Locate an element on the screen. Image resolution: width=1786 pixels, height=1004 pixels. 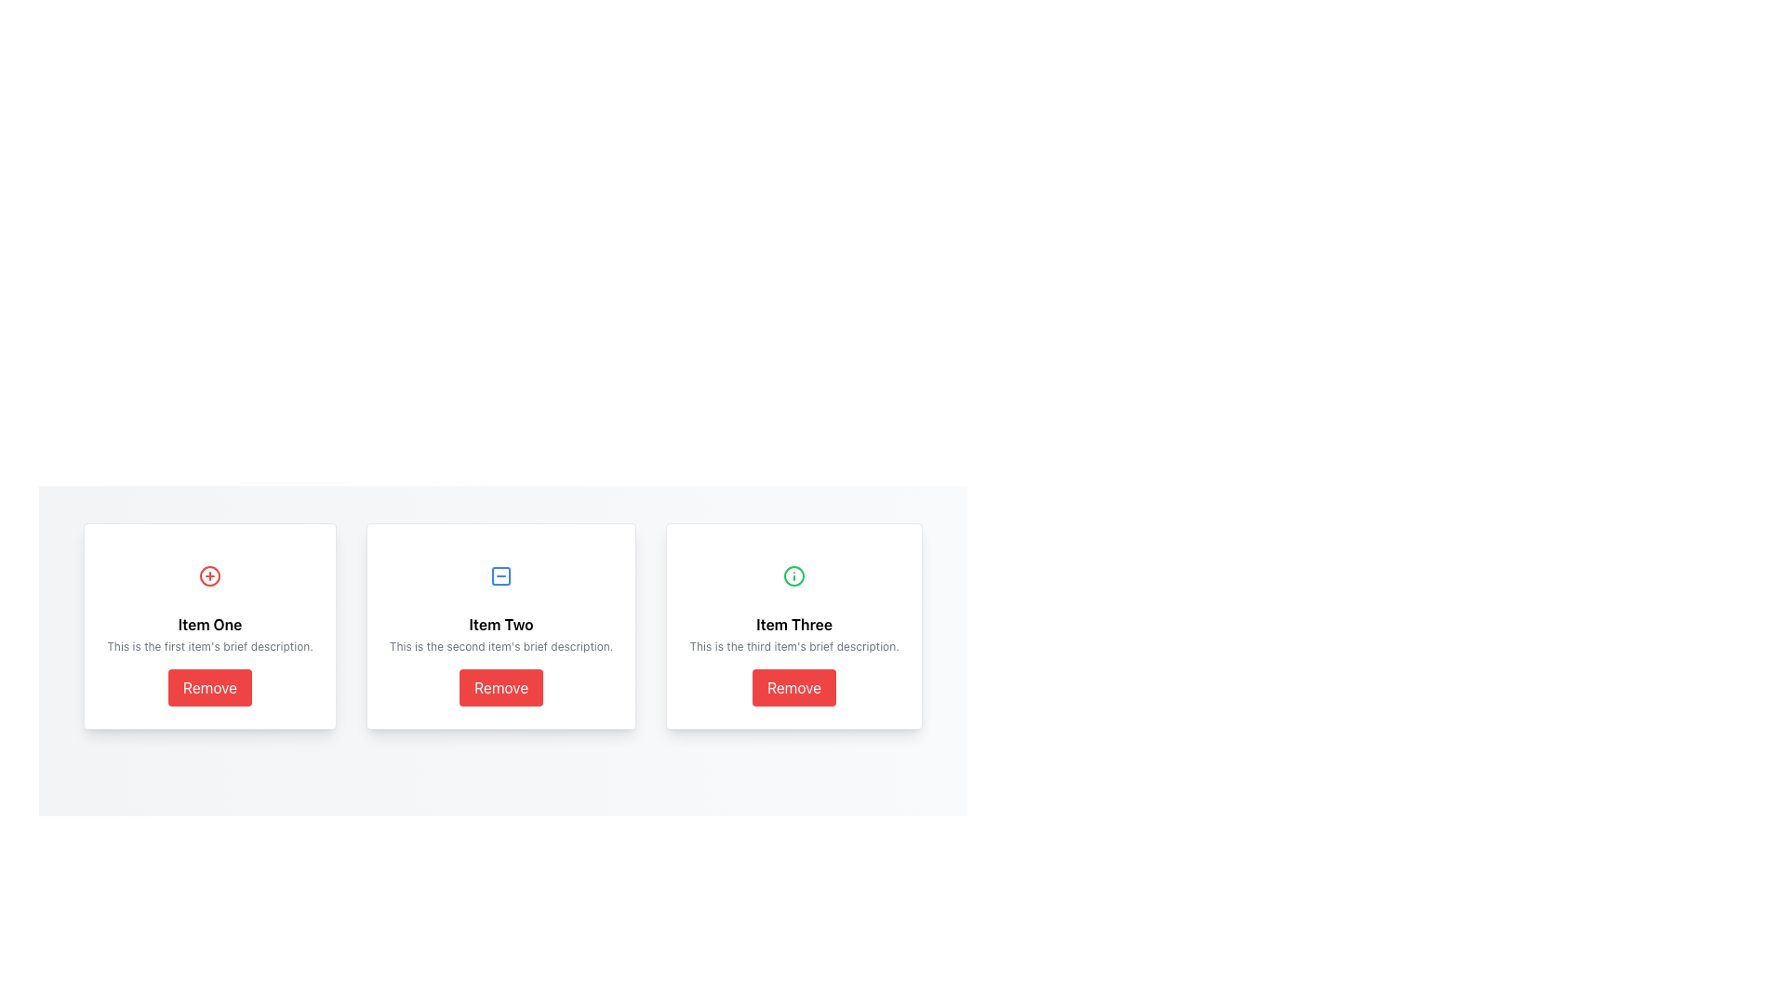
the Decorative icon shape located in the middle of the second card from the left in a horizontal row of three cards is located at coordinates (501, 575).